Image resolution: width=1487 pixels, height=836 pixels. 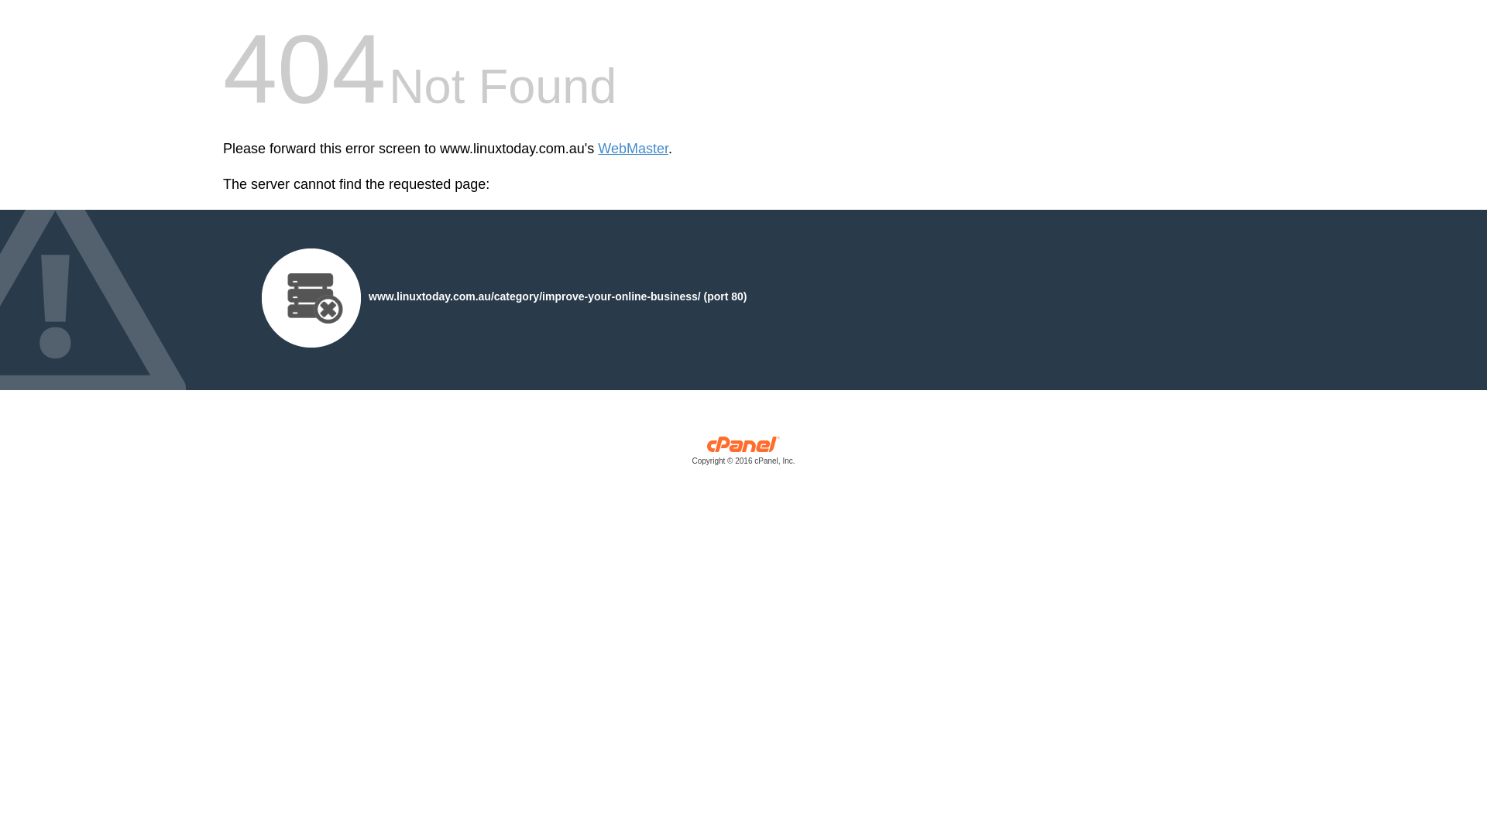 What do you see at coordinates (633, 149) in the screenshot?
I see `'WebMaster'` at bounding box center [633, 149].